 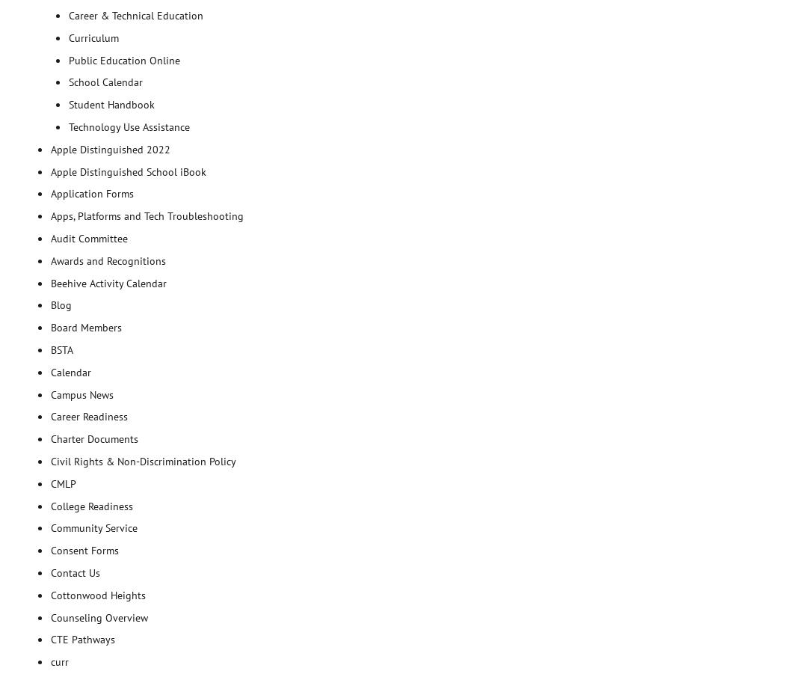 What do you see at coordinates (68, 14) in the screenshot?
I see `'Career & Technical Education'` at bounding box center [68, 14].